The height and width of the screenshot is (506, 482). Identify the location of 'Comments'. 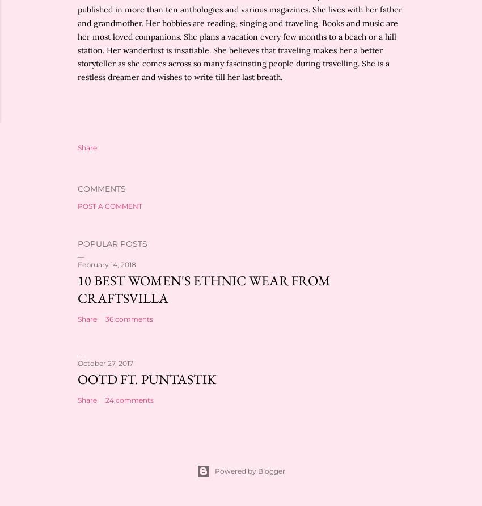
(78, 188).